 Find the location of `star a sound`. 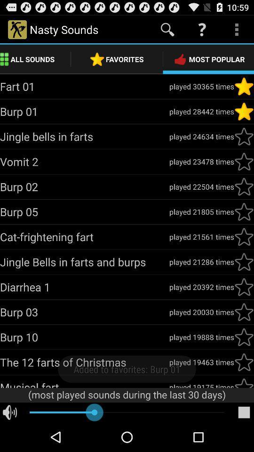

star a sound is located at coordinates (244, 86).